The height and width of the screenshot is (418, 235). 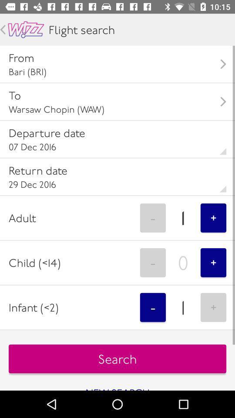 What do you see at coordinates (152, 217) in the screenshot?
I see `icon next to the 1 item` at bounding box center [152, 217].